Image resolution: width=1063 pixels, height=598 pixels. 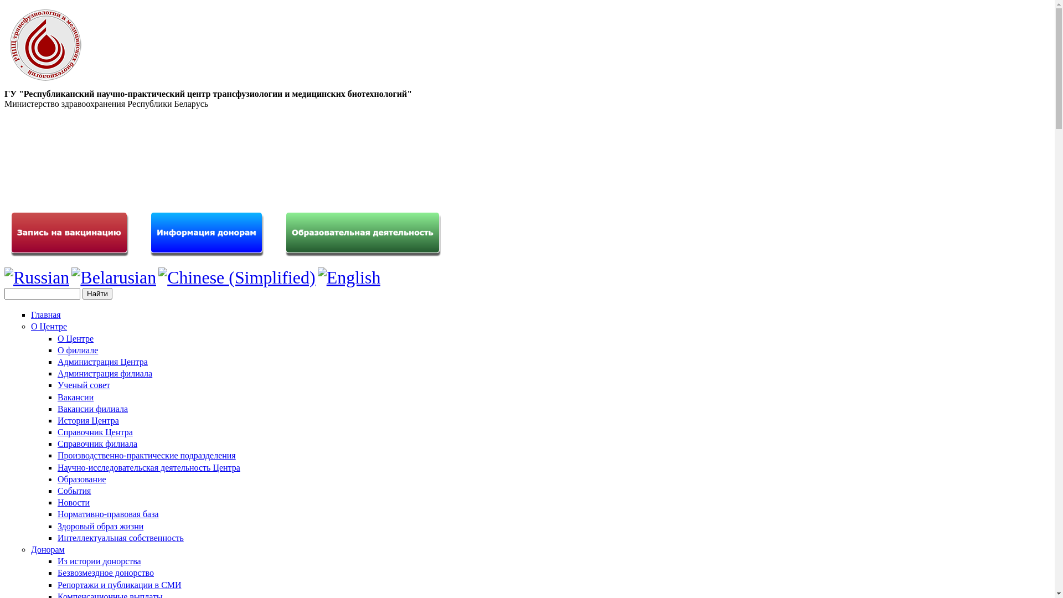 What do you see at coordinates (348, 277) in the screenshot?
I see `'English'` at bounding box center [348, 277].